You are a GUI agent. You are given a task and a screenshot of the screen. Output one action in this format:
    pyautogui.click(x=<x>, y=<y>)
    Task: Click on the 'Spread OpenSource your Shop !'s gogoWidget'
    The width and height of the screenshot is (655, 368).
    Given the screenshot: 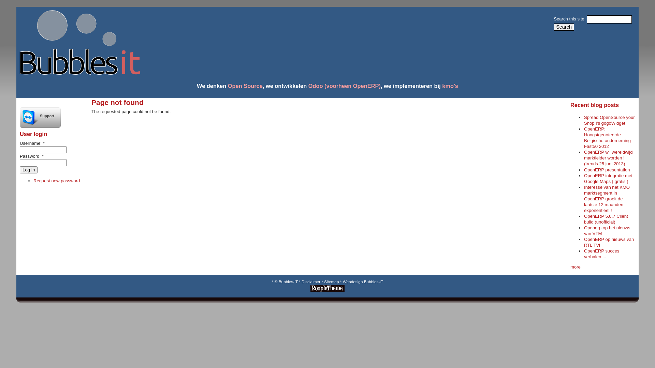 What is the action you would take?
    pyautogui.click(x=609, y=120)
    